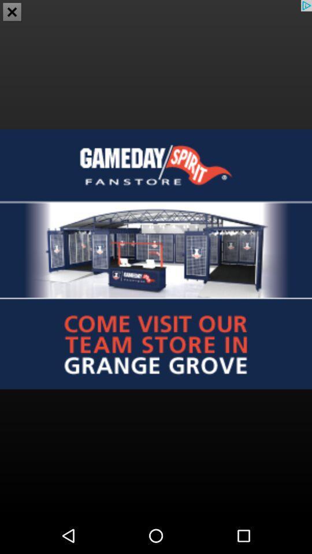 The image size is (312, 554). I want to click on the close icon, so click(12, 12).